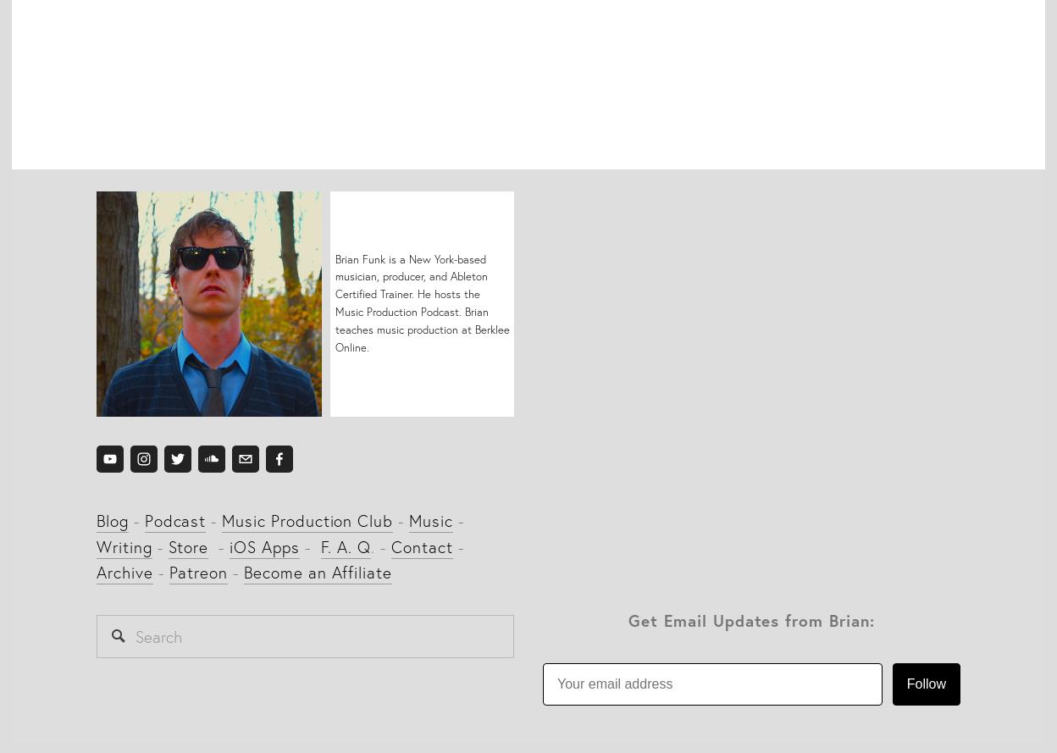 This screenshot has height=753, width=1057. Describe the element at coordinates (124, 545) in the screenshot. I see `'Writing'` at that location.